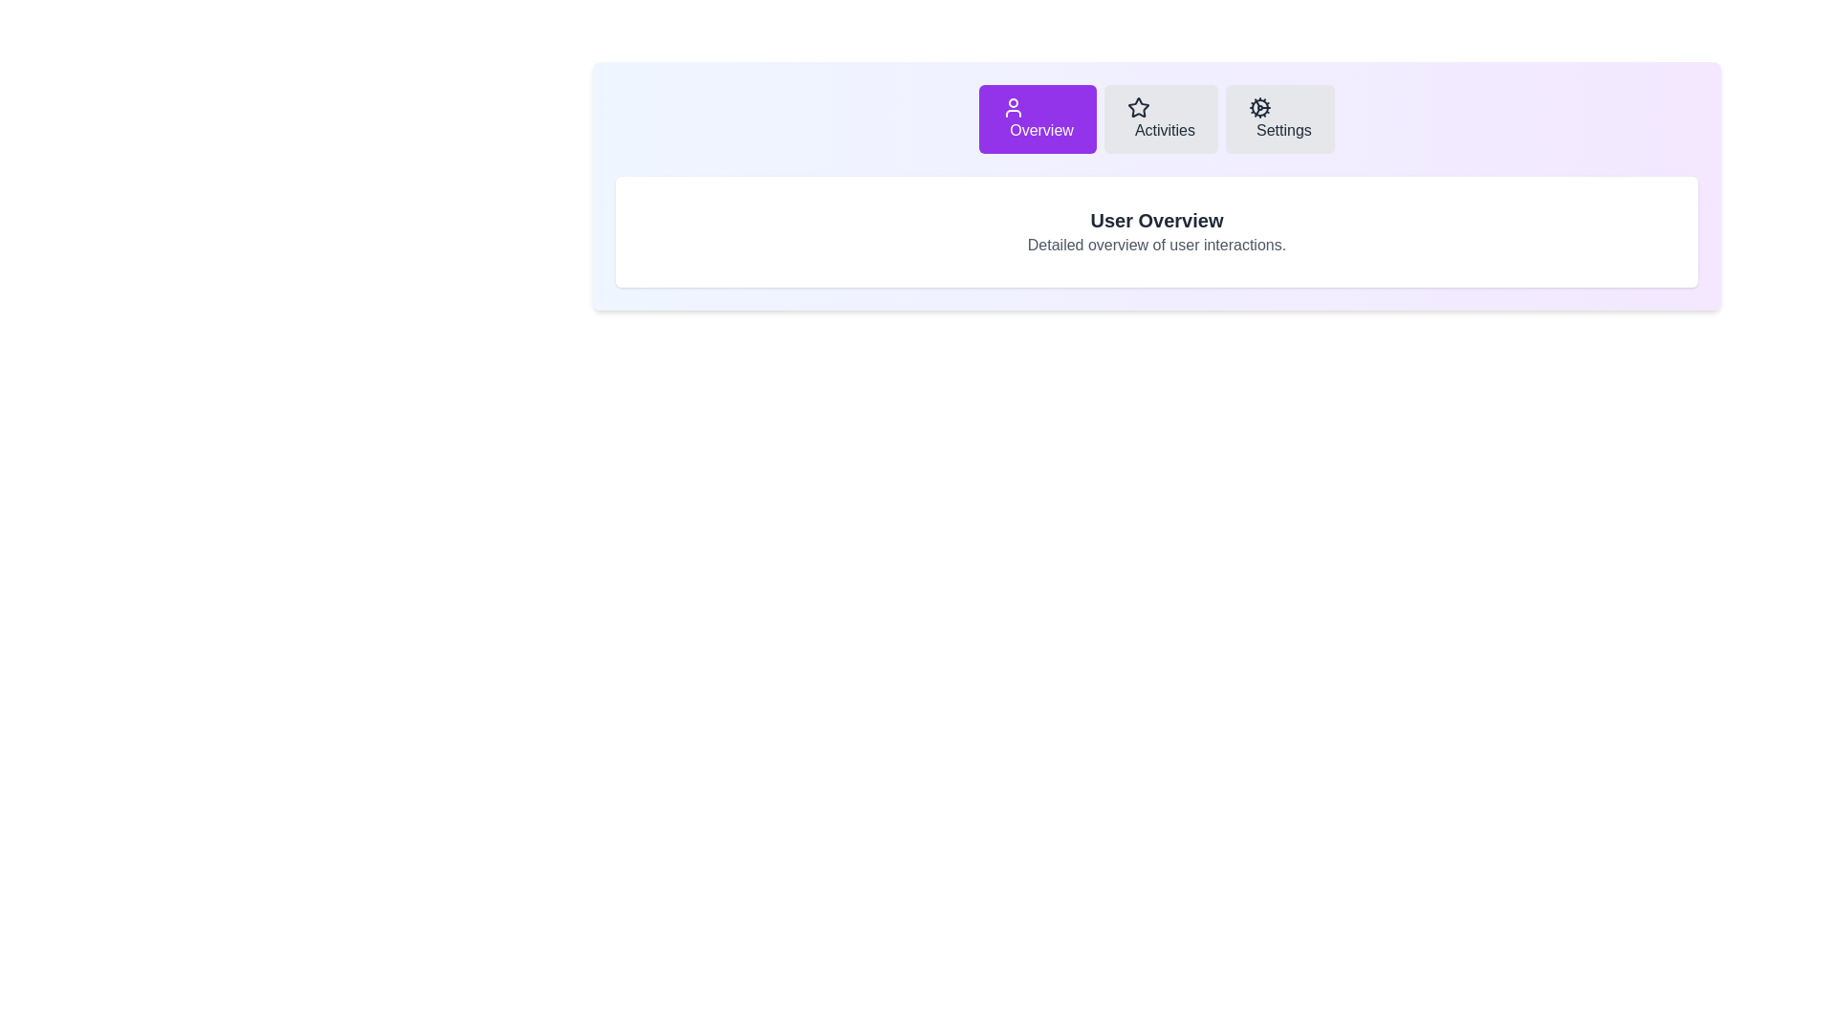 Image resolution: width=1836 pixels, height=1032 pixels. I want to click on the 'Overview' label within the first button of the horizontal button group located at the top-center of the interface, so click(1040, 129).